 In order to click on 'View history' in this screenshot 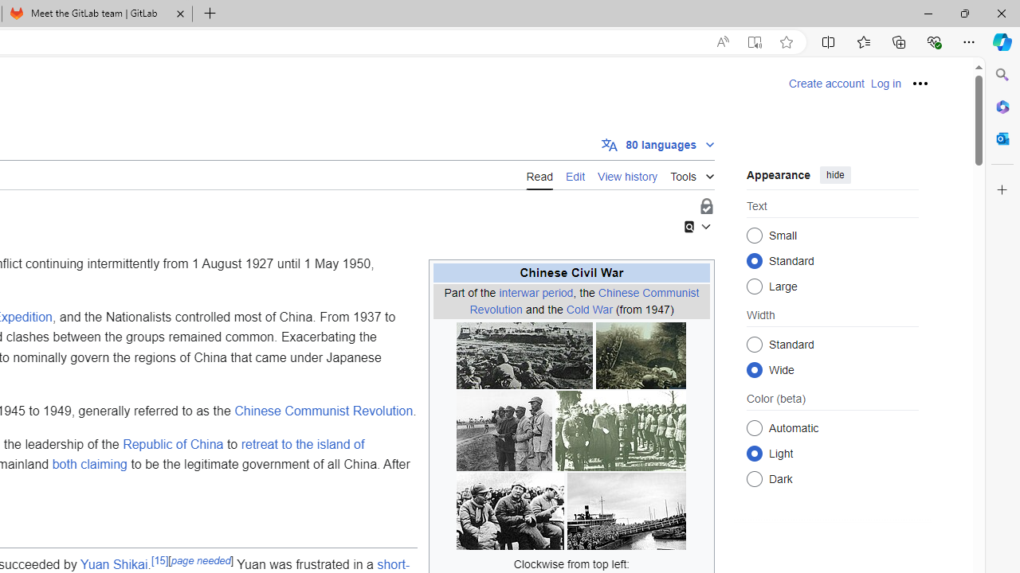, I will do `click(626, 174)`.